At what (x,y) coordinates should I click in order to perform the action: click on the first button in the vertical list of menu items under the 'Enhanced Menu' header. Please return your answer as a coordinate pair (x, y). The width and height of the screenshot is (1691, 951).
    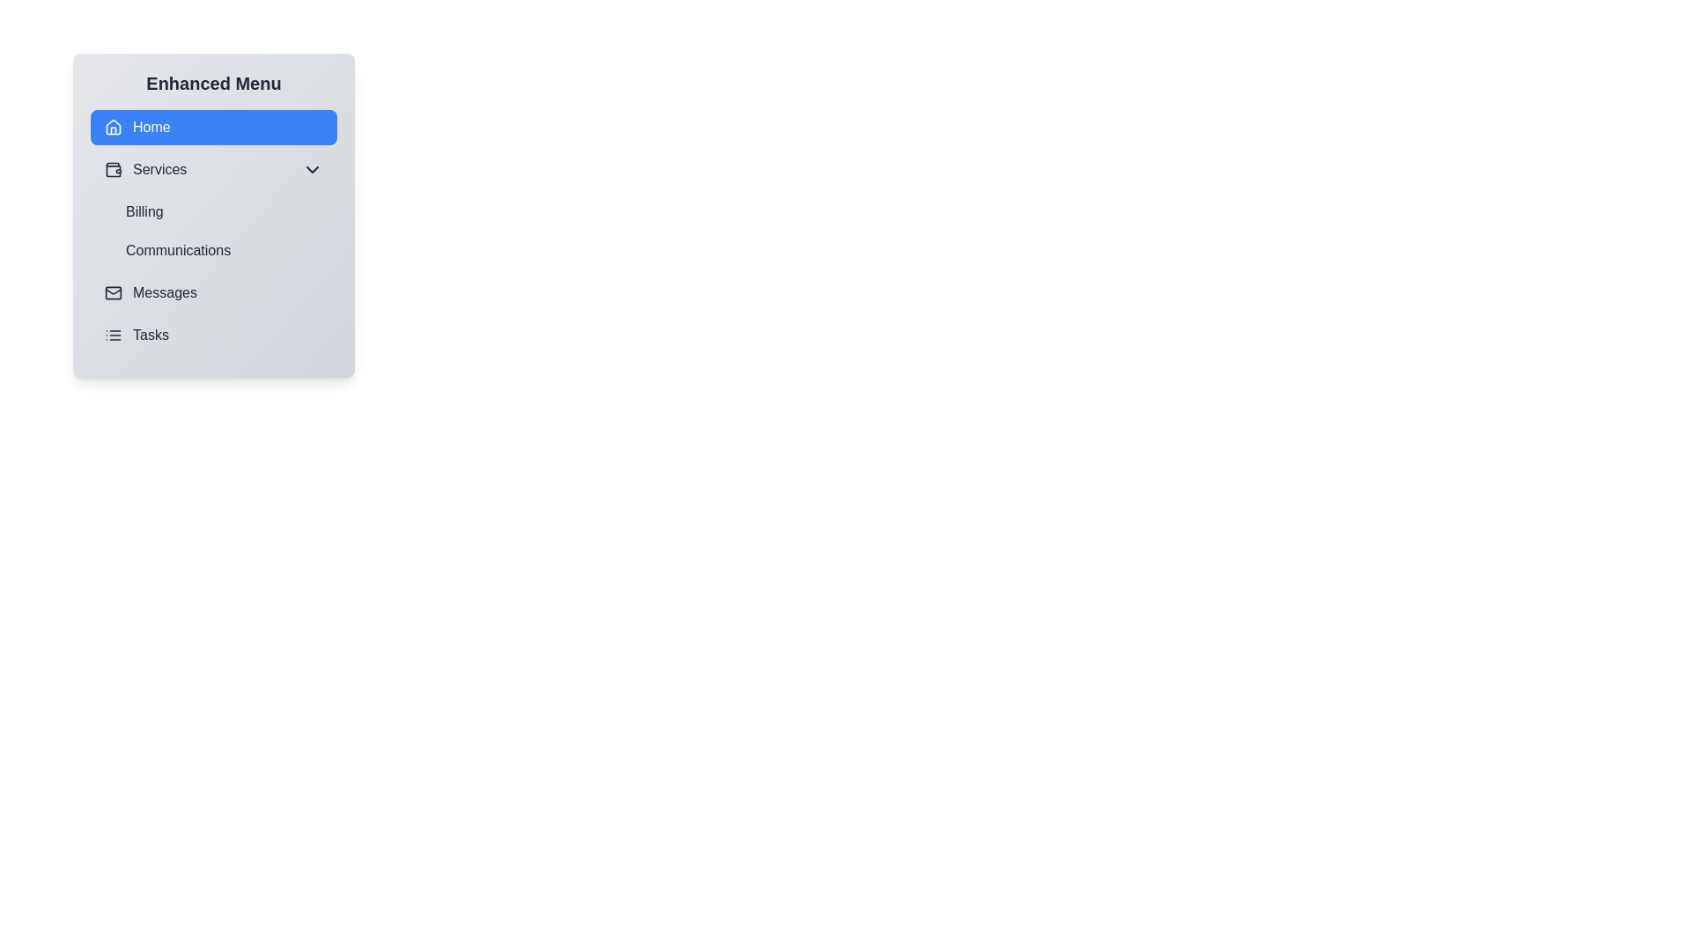
    Looking at the image, I should click on (213, 127).